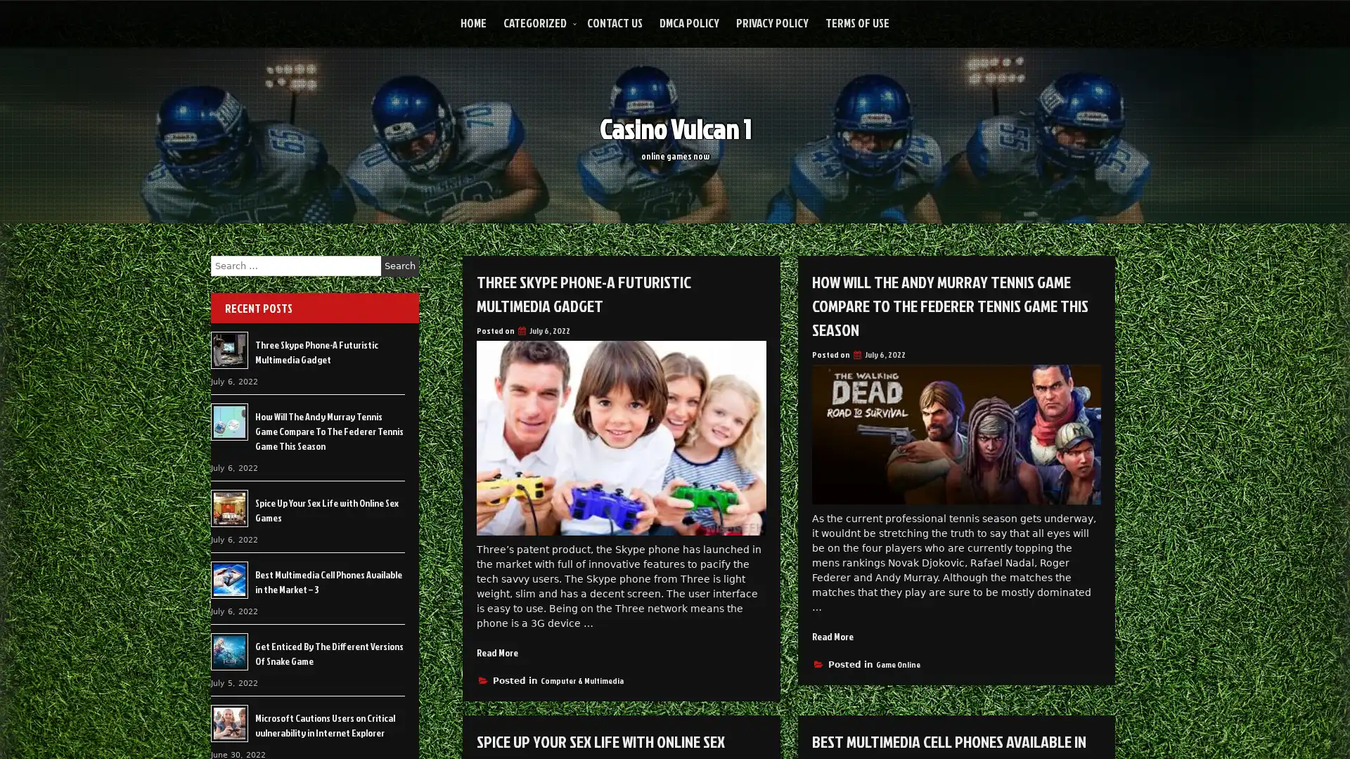 This screenshot has width=1350, height=759. What do you see at coordinates (399, 266) in the screenshot?
I see `Search` at bounding box center [399, 266].